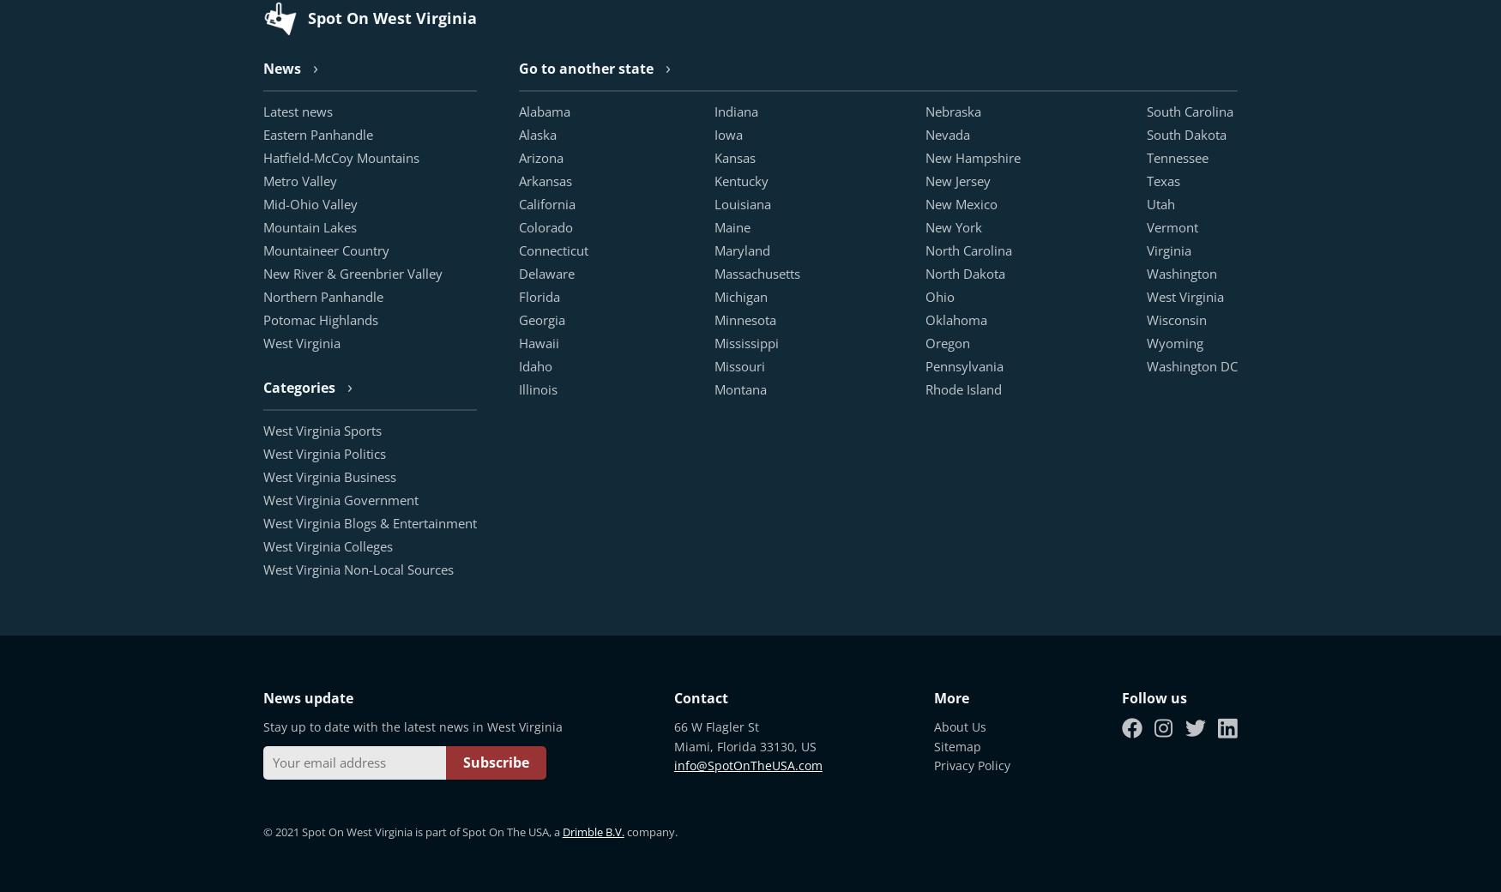  I want to click on 'West Virginia Business', so click(328, 475).